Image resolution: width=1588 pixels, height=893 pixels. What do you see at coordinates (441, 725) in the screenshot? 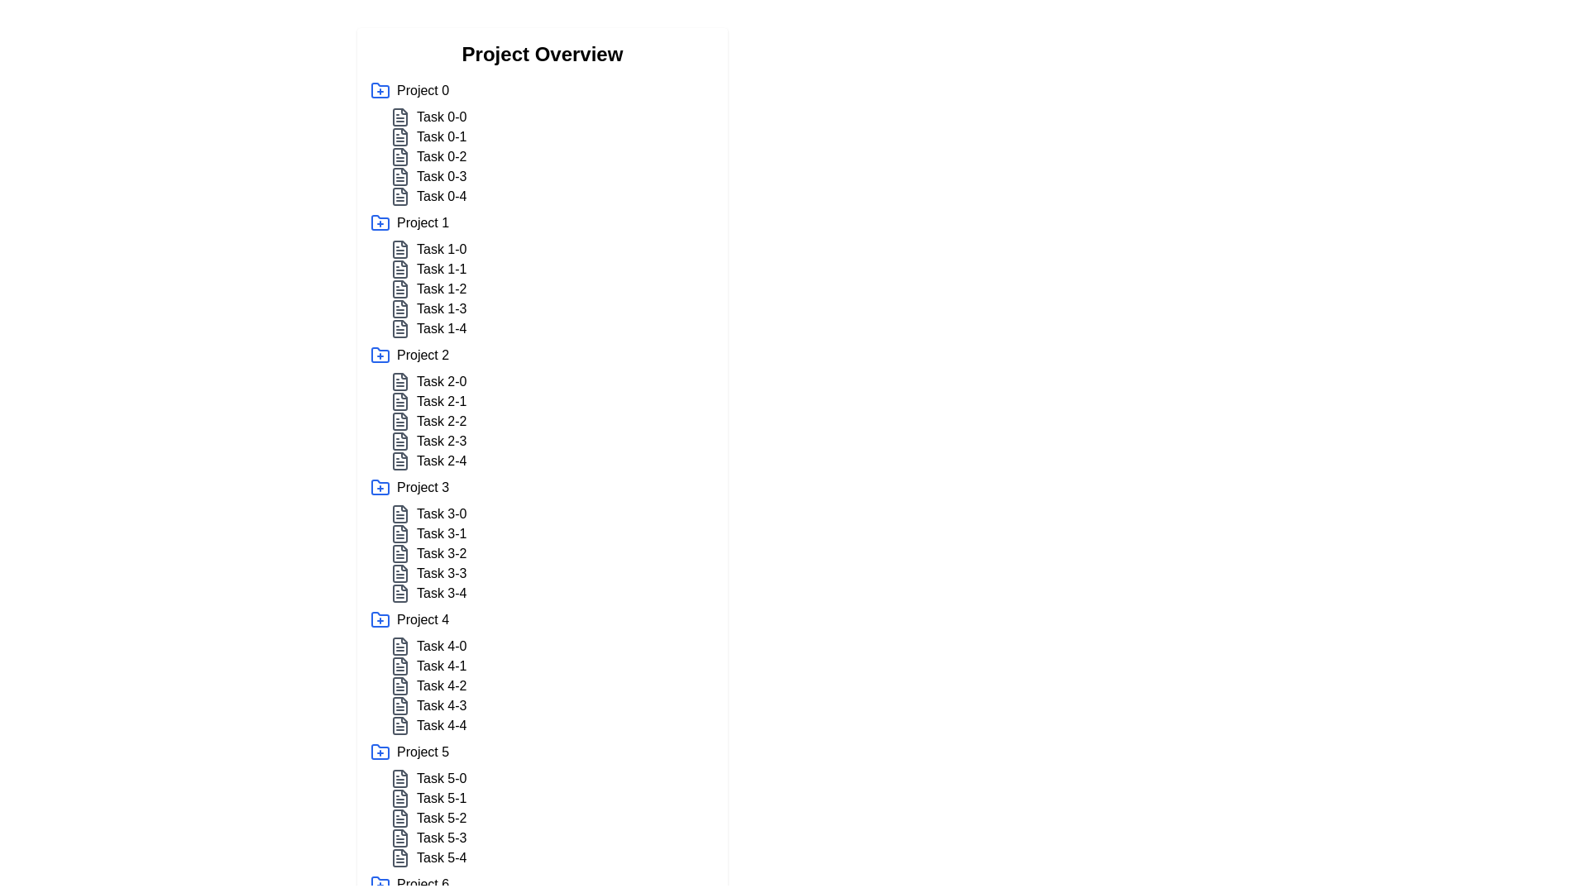
I see `the fifth list item labeled 'Task 4-4' under the 'Project 4' section` at bounding box center [441, 725].